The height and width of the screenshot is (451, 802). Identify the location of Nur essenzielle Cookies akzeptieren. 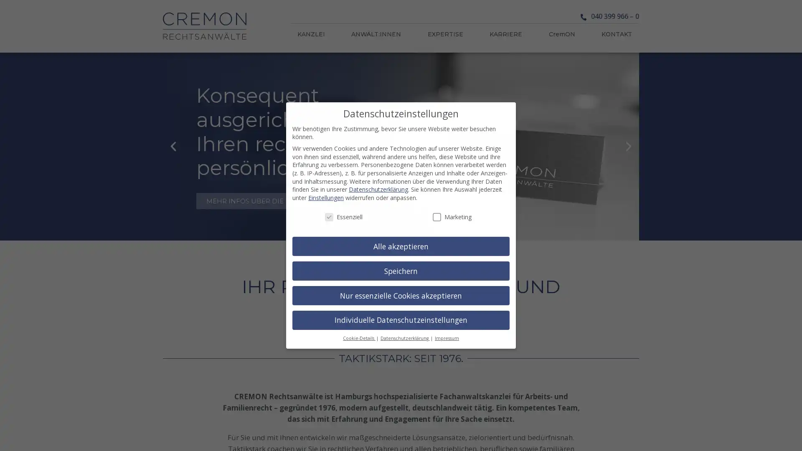
(401, 295).